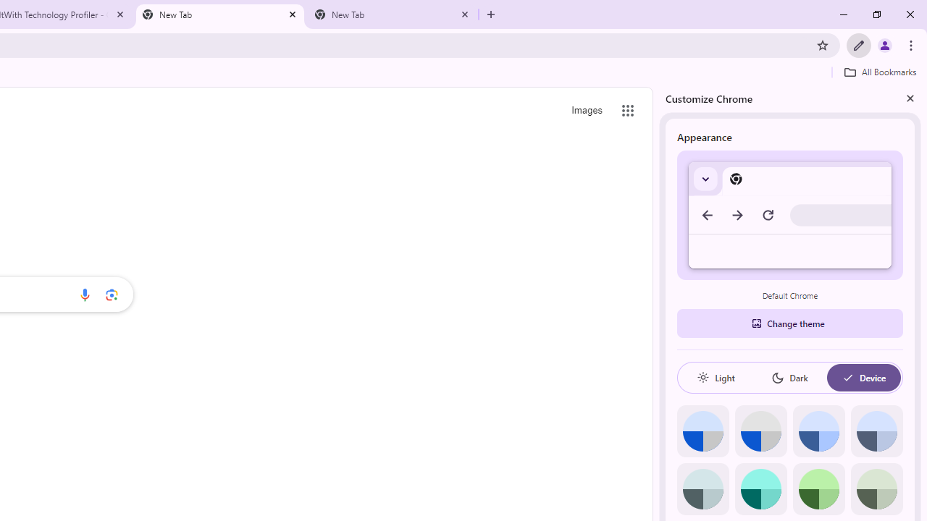 The width and height of the screenshot is (927, 521). Describe the element at coordinates (760, 488) in the screenshot. I see `'Aqua'` at that location.